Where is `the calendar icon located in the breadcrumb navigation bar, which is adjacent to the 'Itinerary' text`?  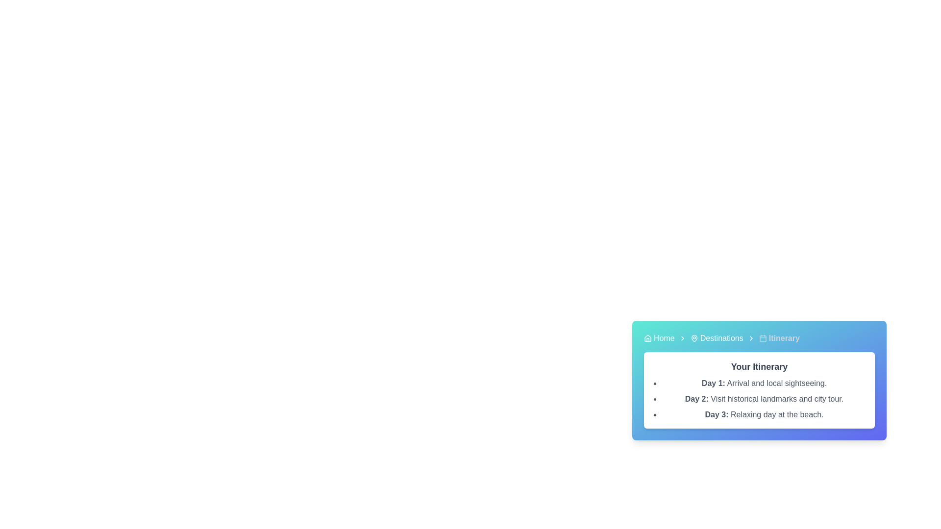
the calendar icon located in the breadcrumb navigation bar, which is adjacent to the 'Itinerary' text is located at coordinates (762, 337).